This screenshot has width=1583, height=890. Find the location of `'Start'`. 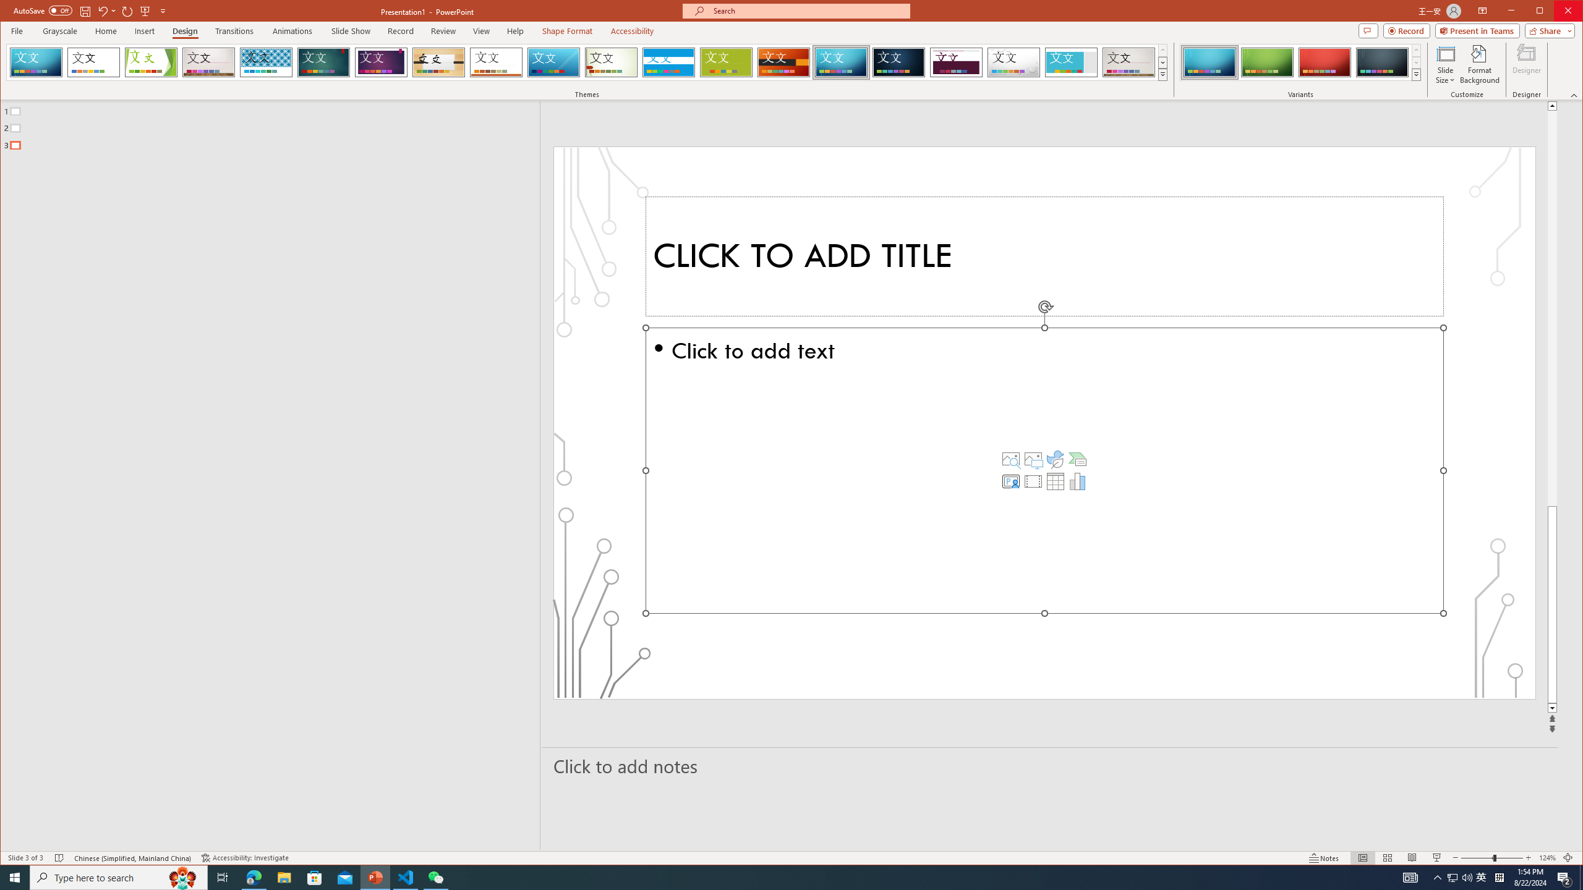

'Start' is located at coordinates (15, 876).